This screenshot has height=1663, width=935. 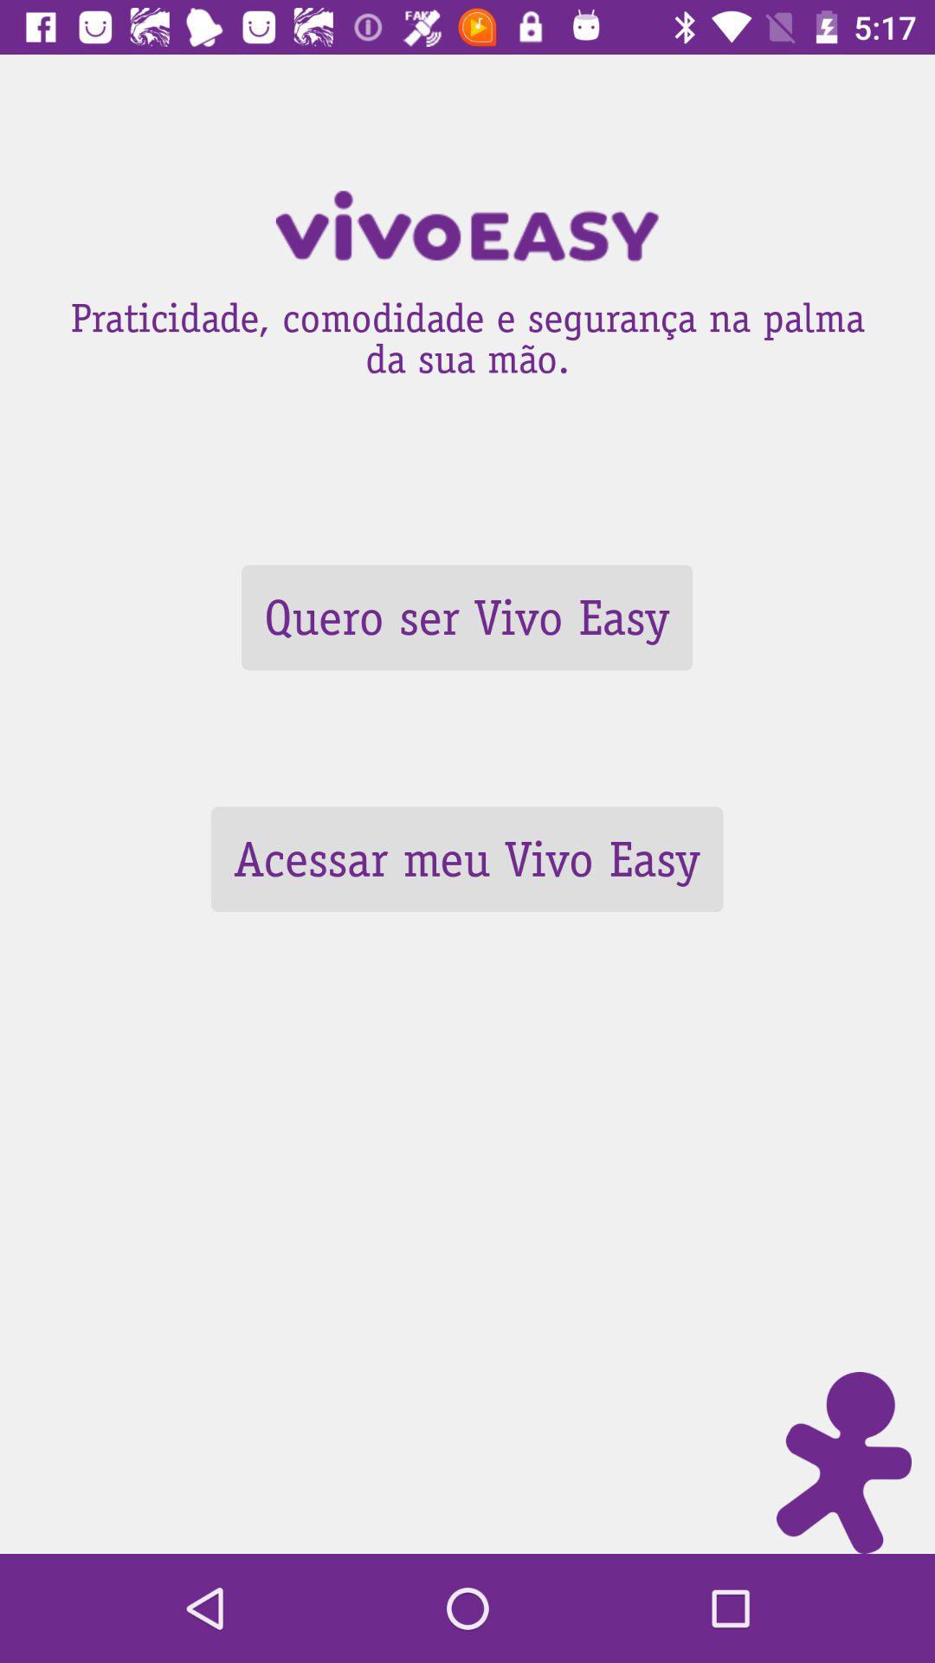 I want to click on icon above the acessar meu vivo icon, so click(x=466, y=618).